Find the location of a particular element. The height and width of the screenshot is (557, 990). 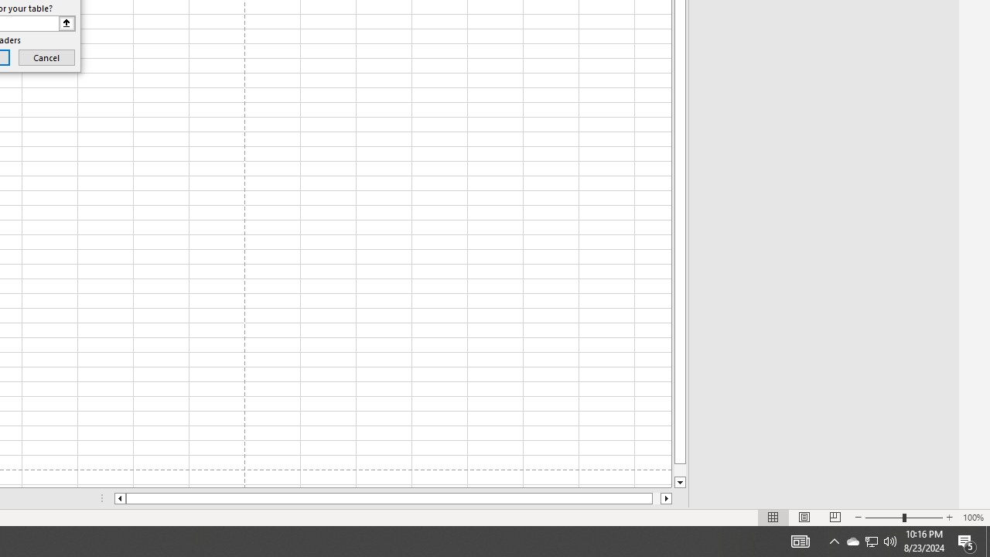

'Zoom Out' is located at coordinates (884, 518).